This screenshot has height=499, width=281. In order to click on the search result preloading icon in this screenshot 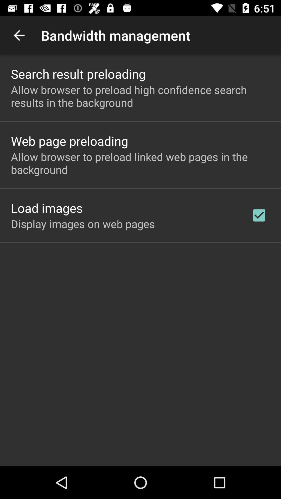, I will do `click(78, 74)`.